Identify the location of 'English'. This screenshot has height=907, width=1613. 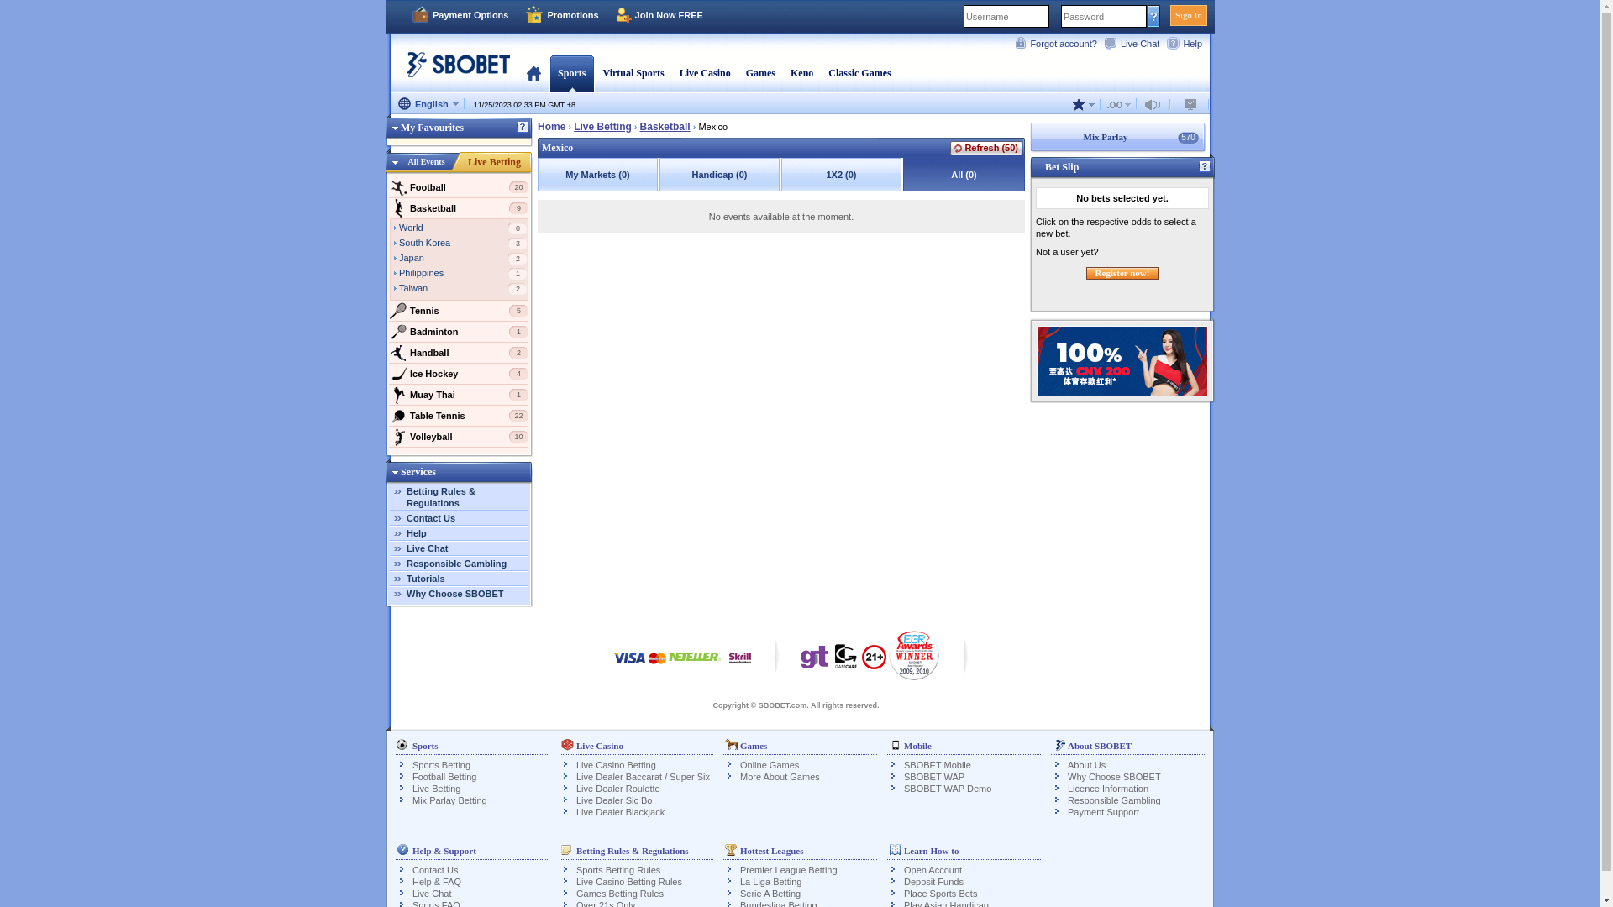
(428, 104).